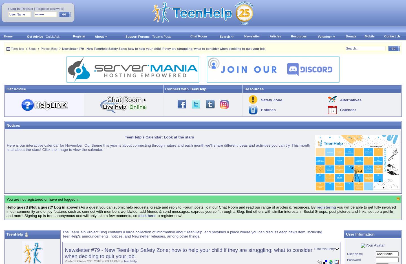 The height and width of the screenshot is (264, 406). What do you see at coordinates (192, 234) in the screenshot?
I see `'The TeenHelp Project Blog contains a large collection of information about TeenHelp, and provides a place where you can discuss each news item, including TeenHelp's announcements, notices, and Newsletter releases, among other things.'` at bounding box center [192, 234].